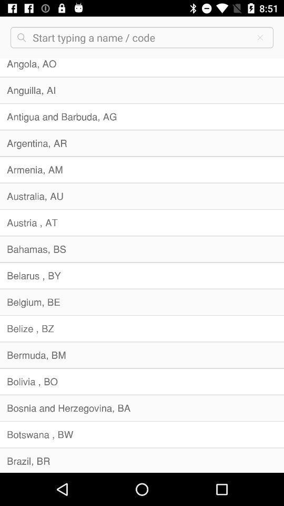  Describe the element at coordinates (142, 434) in the screenshot. I see `item below bosnia and herzegovina` at that location.